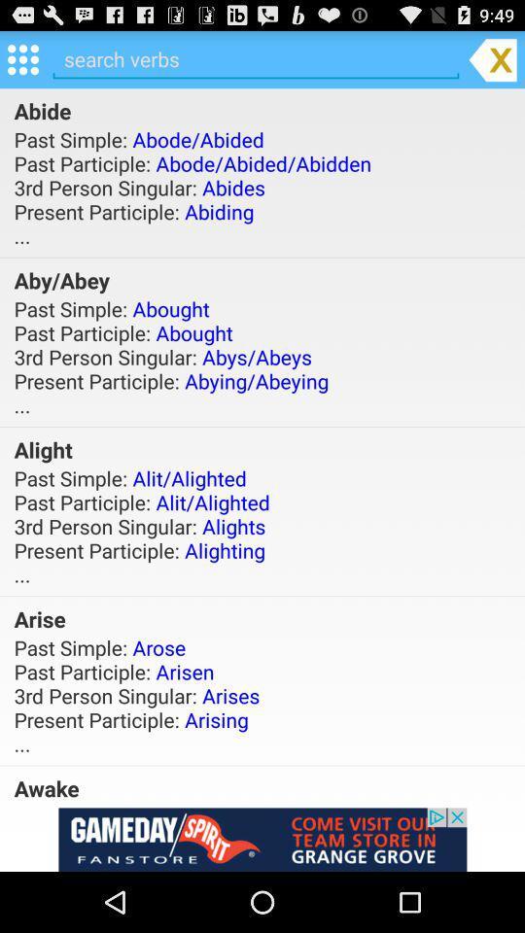 This screenshot has width=525, height=933. Describe the element at coordinates (256, 57) in the screenshot. I see `text` at that location.